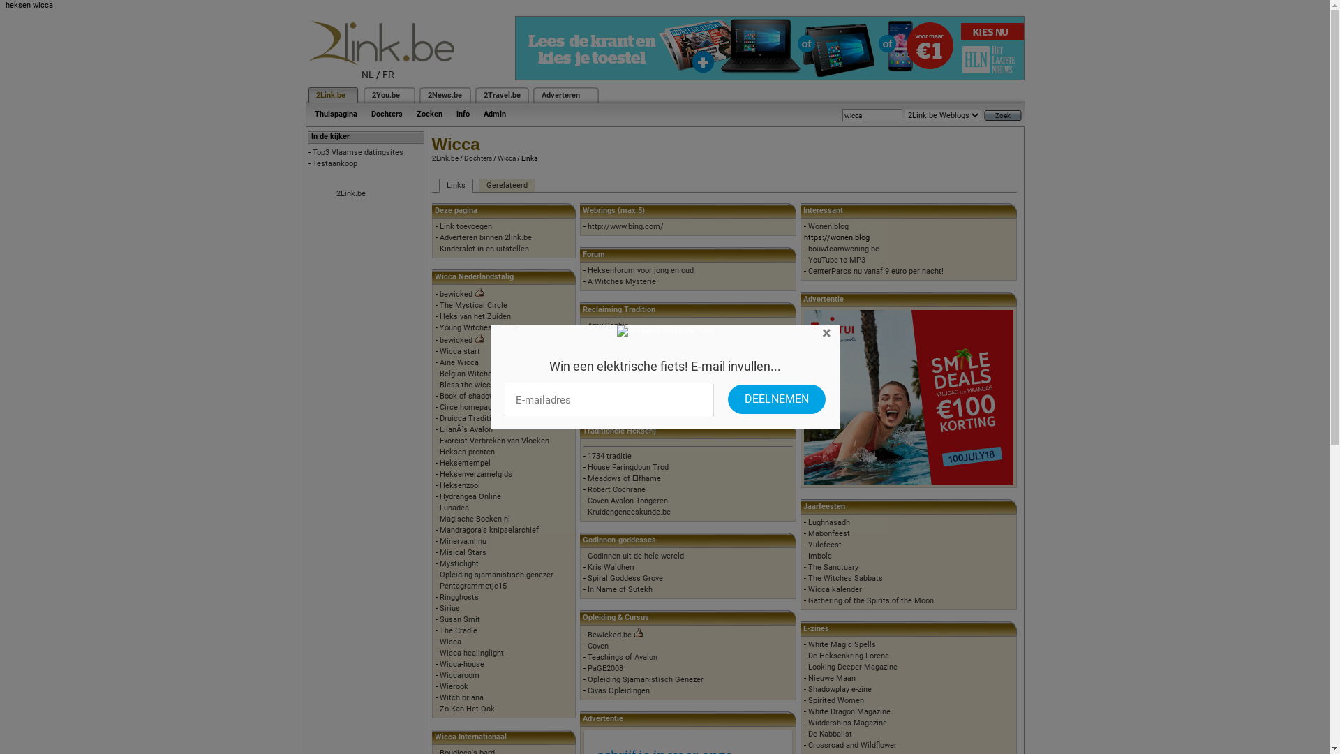 The image size is (1340, 754). What do you see at coordinates (501, 94) in the screenshot?
I see `'2Travel.be'` at bounding box center [501, 94].